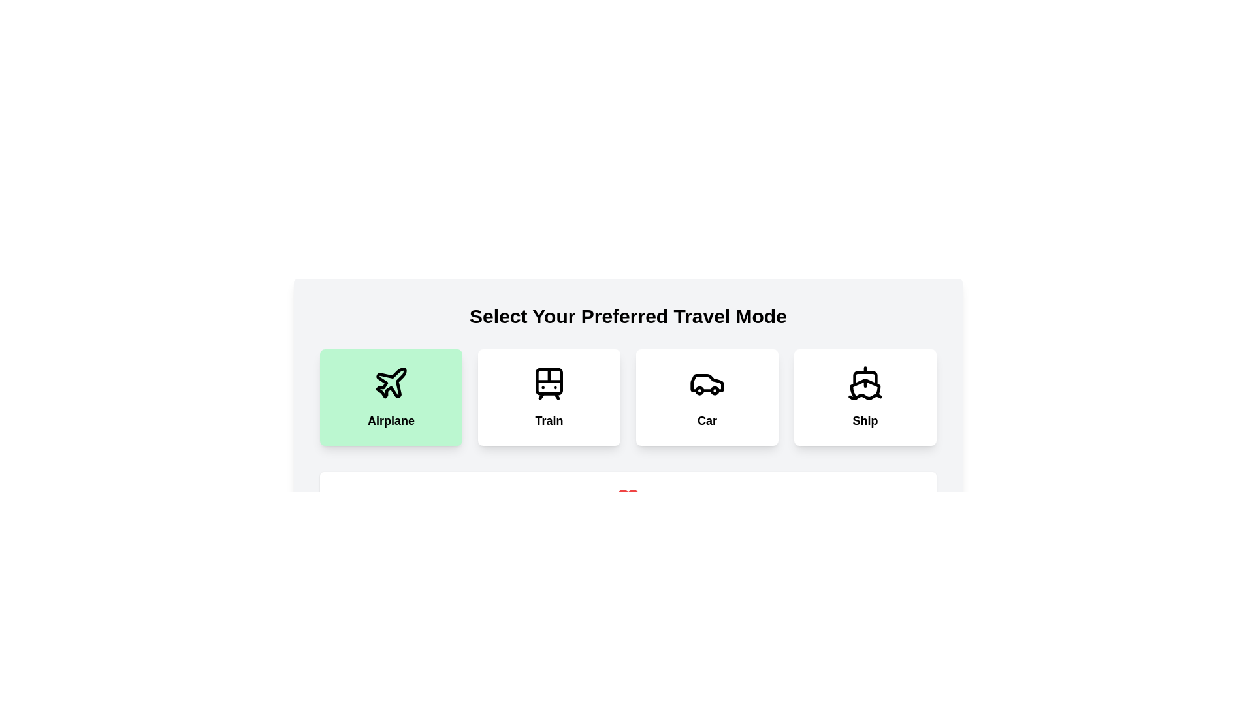  I want to click on the lower section of the ship icon, specifically the curved lines representing water or waves, which is the fourth option in the row of selectable travel mode icons, so click(865, 396).